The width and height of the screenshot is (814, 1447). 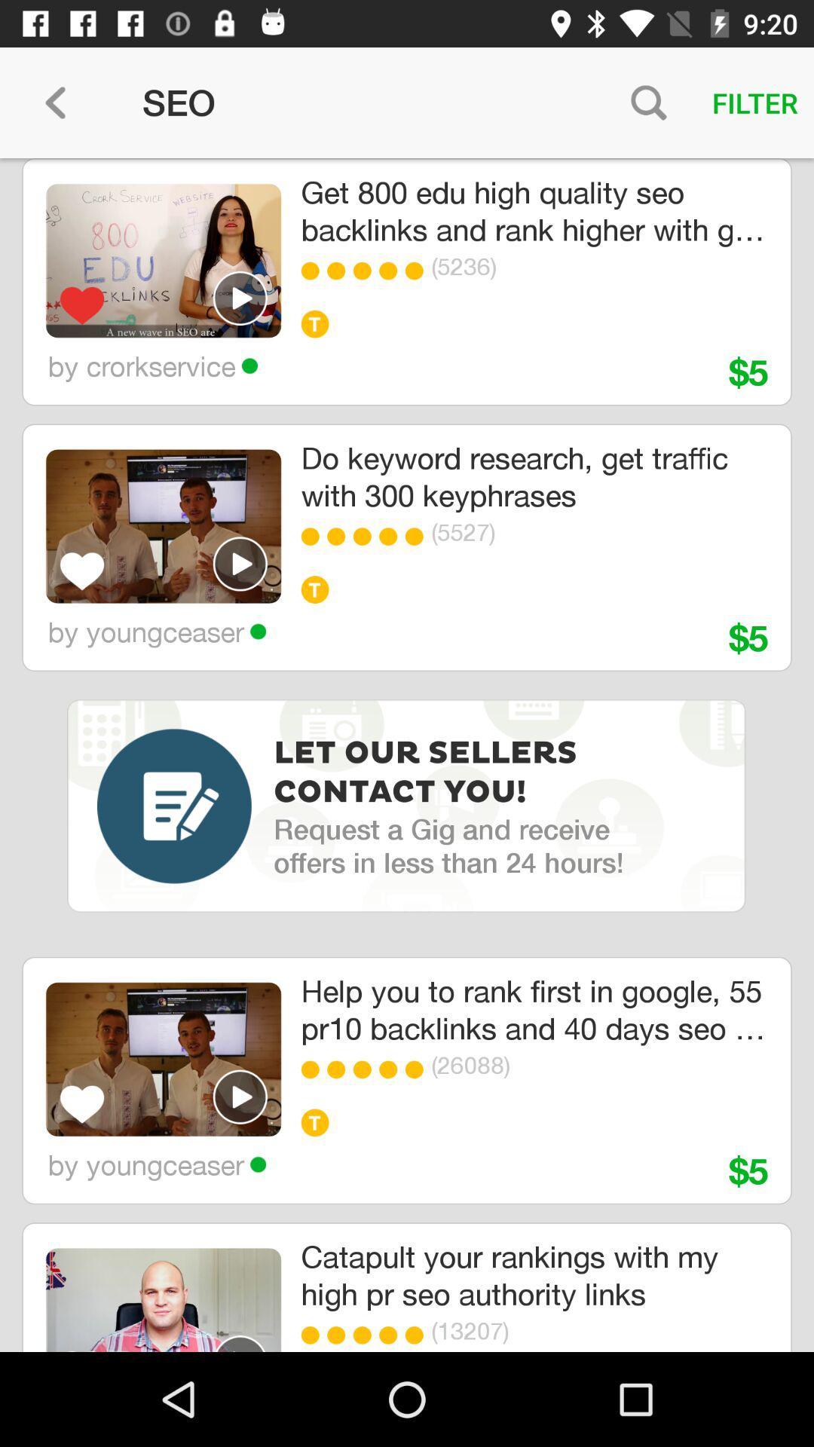 I want to click on by crorkservice, so click(x=152, y=366).